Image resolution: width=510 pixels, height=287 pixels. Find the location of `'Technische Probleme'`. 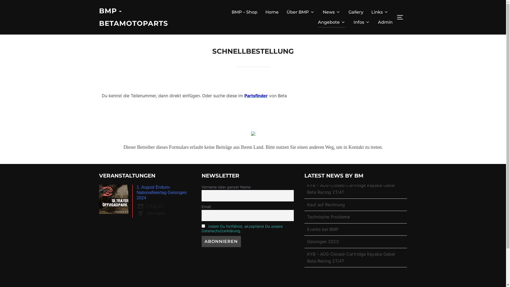

'Technische Probleme' is located at coordinates (328, 222).